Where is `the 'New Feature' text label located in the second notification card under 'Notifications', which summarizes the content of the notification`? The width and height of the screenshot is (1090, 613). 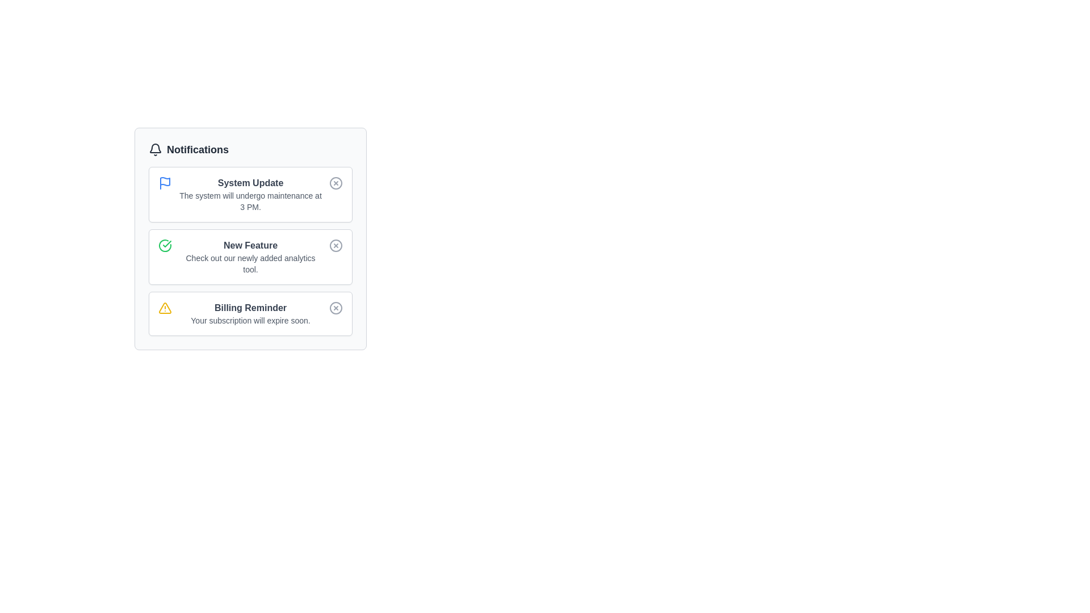
the 'New Feature' text label located in the second notification card under 'Notifications', which summarizes the content of the notification is located at coordinates (250, 245).